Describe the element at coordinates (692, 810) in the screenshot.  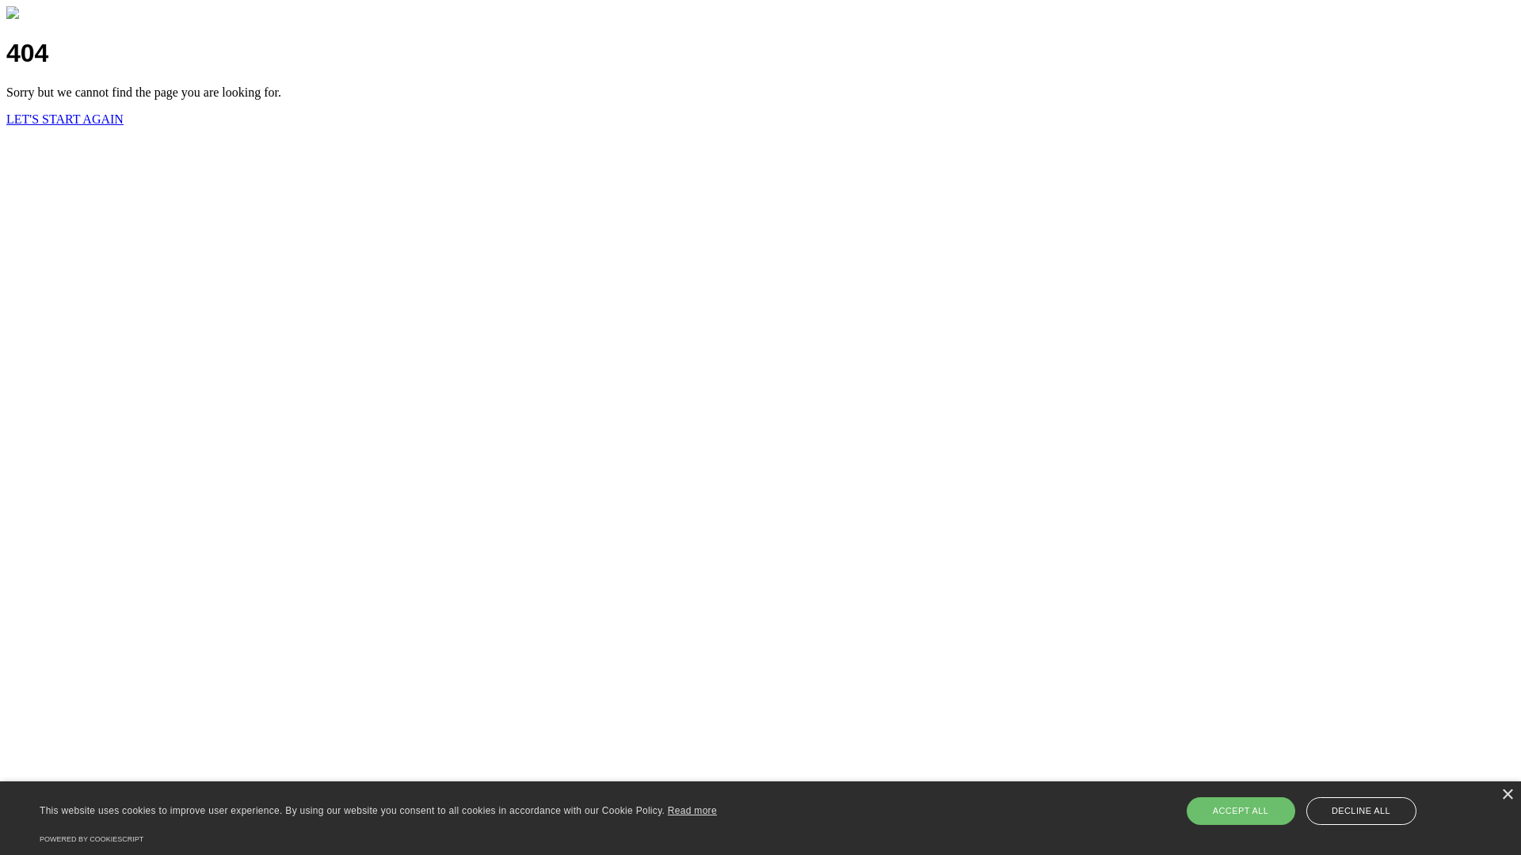
I see `'Read more'` at that location.